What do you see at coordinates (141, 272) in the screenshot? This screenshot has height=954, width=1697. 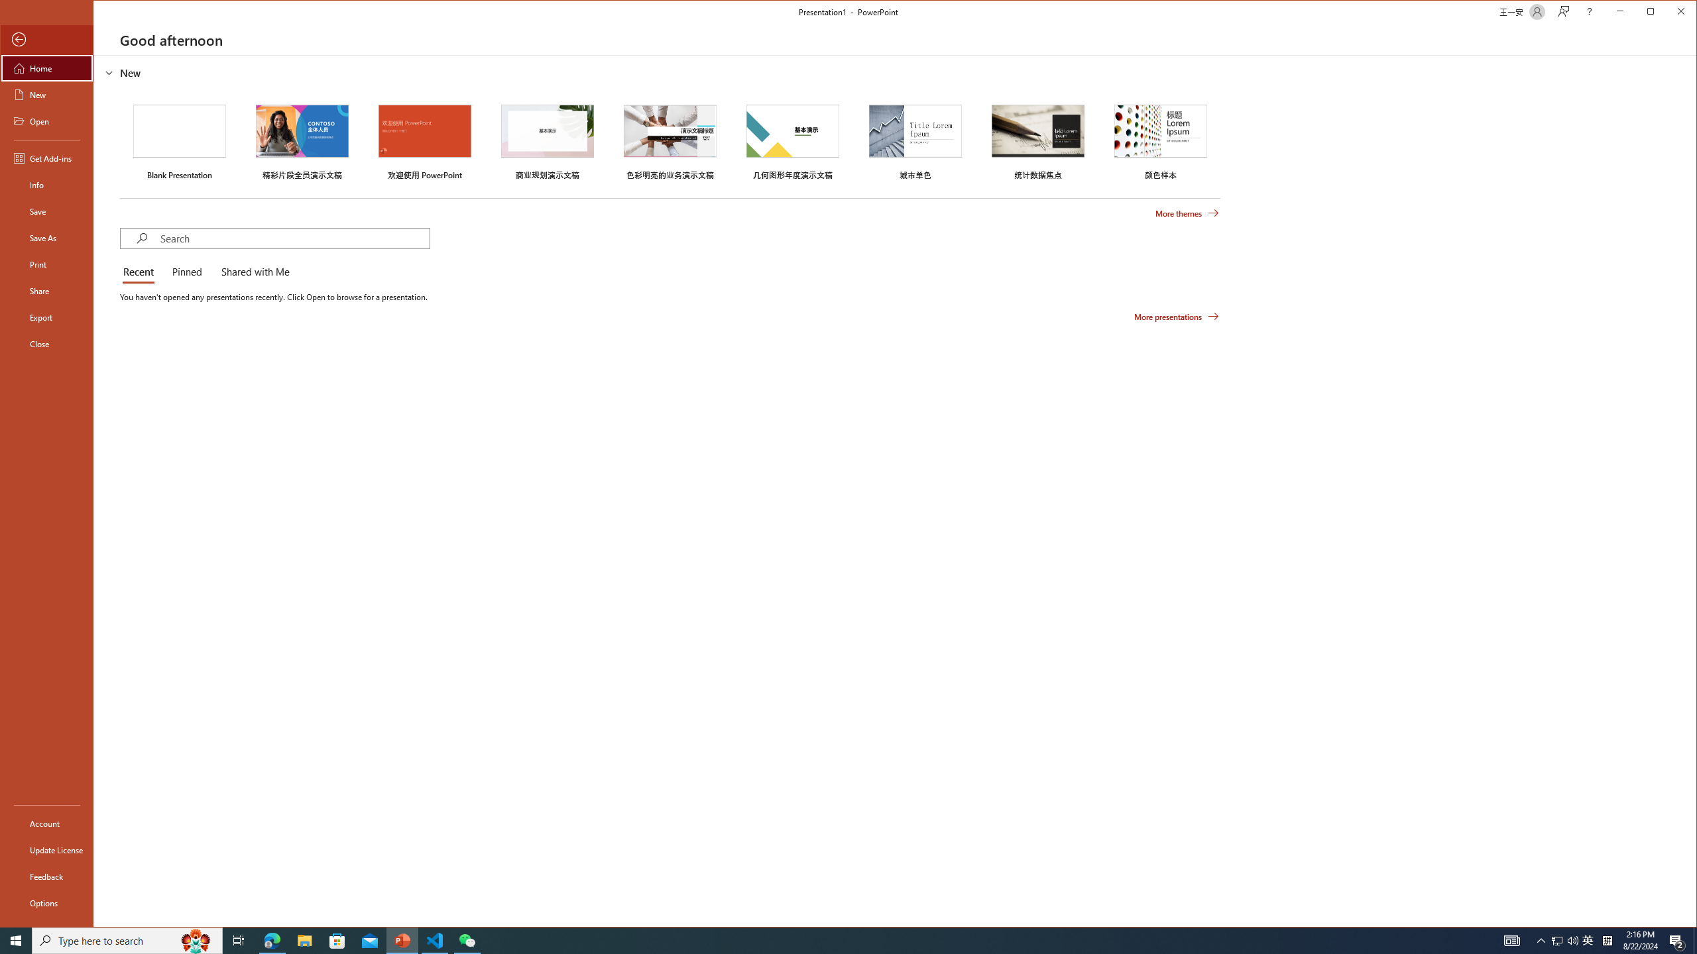 I see `'Recent'` at bounding box center [141, 272].